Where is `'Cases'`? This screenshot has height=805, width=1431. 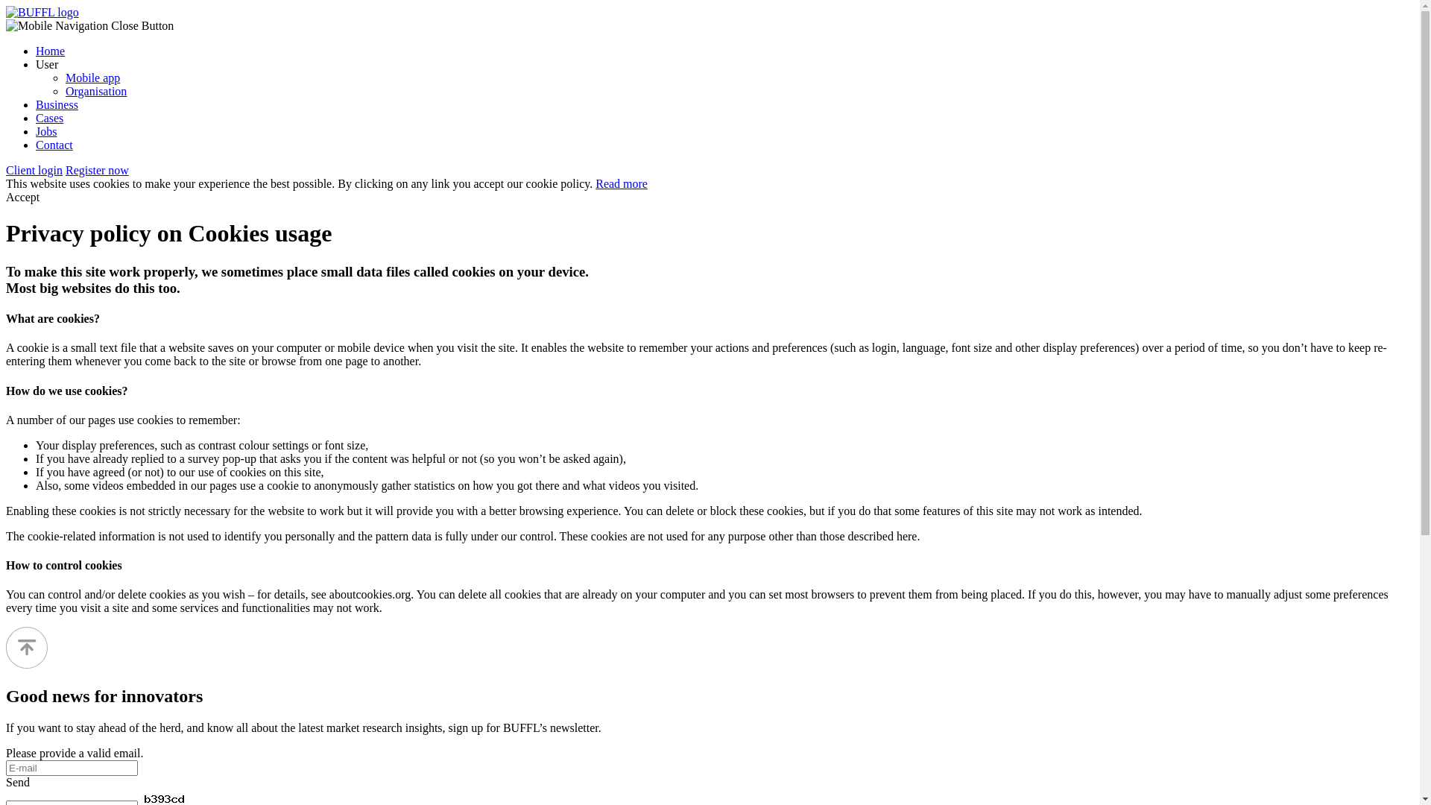 'Cases' is located at coordinates (49, 117).